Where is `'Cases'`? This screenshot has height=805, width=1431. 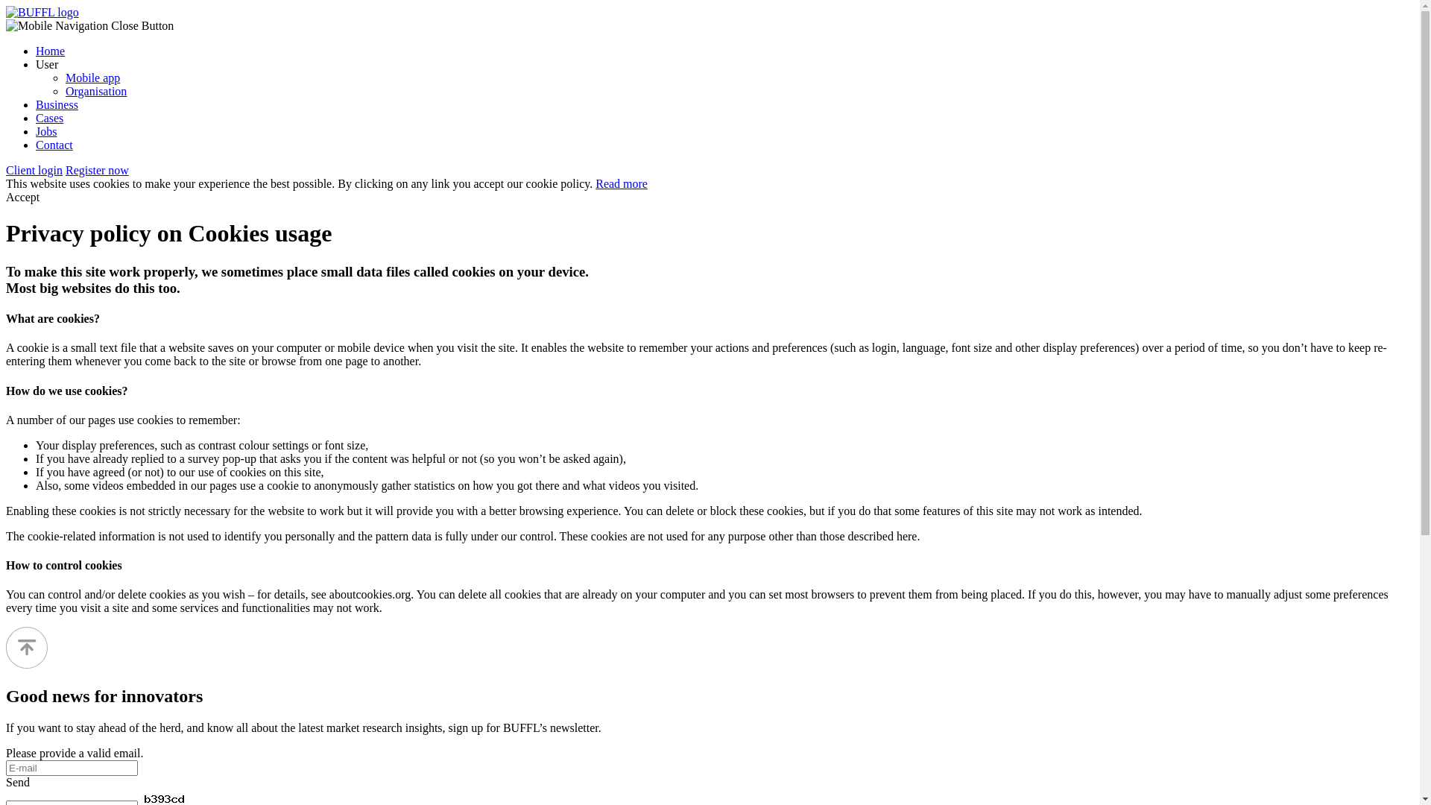 'Cases' is located at coordinates (49, 117).